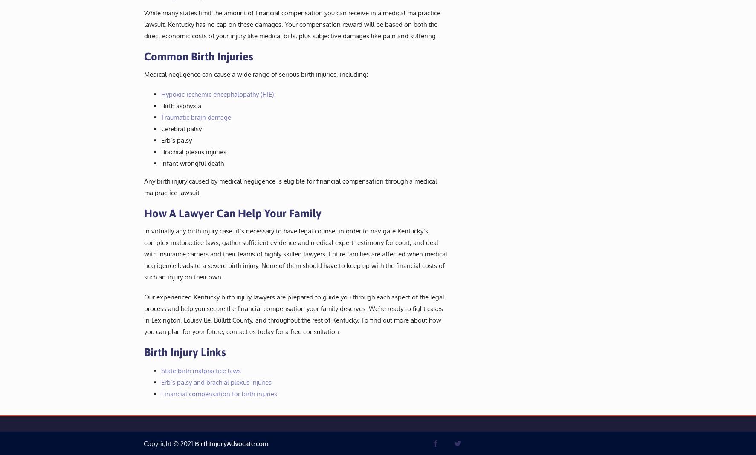 The image size is (756, 455). I want to click on 'Birth Injury Links', so click(184, 351).